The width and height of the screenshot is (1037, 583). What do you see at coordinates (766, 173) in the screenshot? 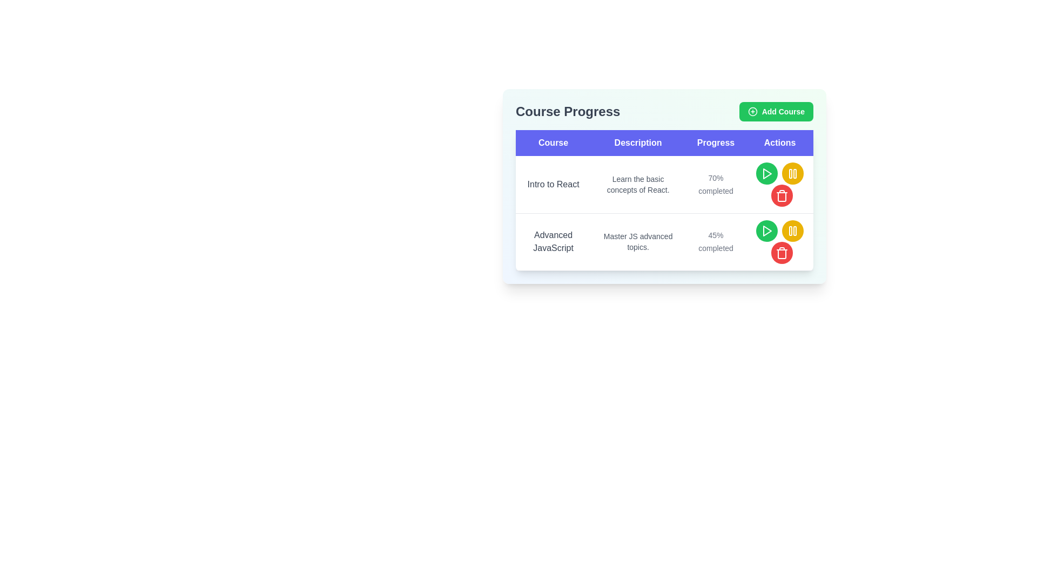
I see `the play button icon, which is a triangular shape pointing to the right within a circular green background, located in the 'Actions' column of the second row associated with 'Advanced JavaScript'` at bounding box center [766, 173].